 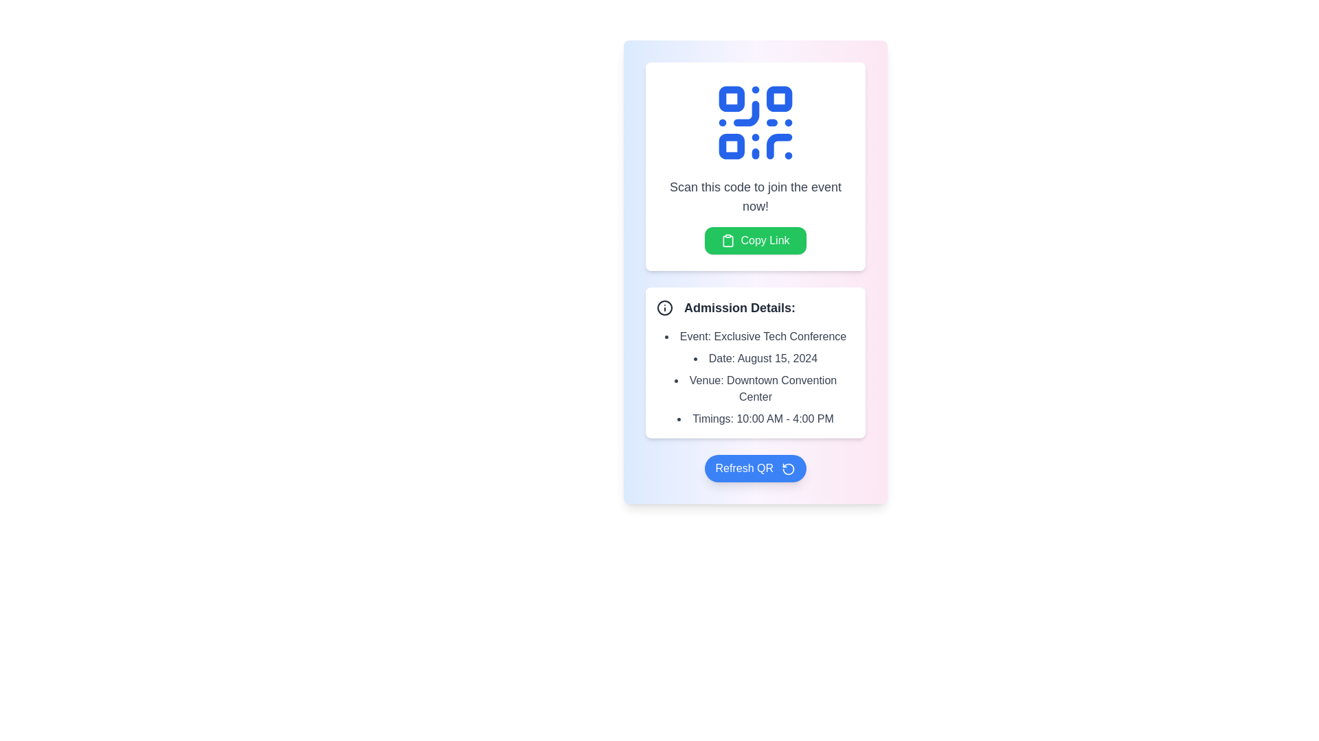 What do you see at coordinates (713, 418) in the screenshot?
I see `the 'Timings:' text label in the 'Admission Details' section` at bounding box center [713, 418].